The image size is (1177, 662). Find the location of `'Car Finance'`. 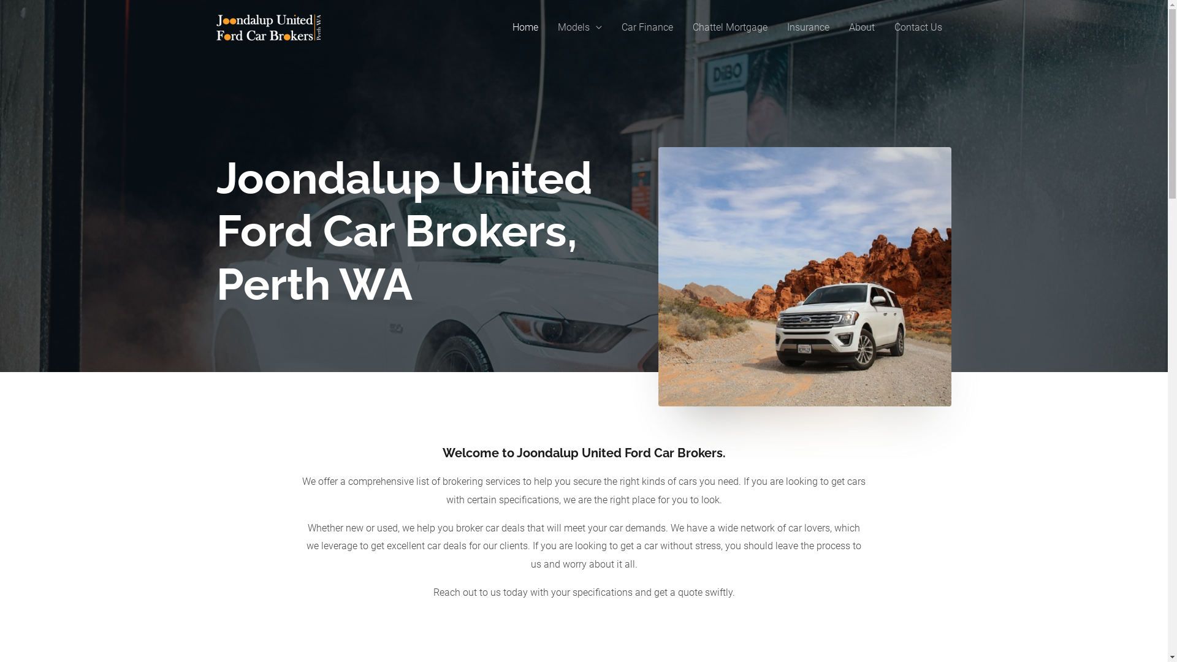

'Car Finance' is located at coordinates (647, 28).